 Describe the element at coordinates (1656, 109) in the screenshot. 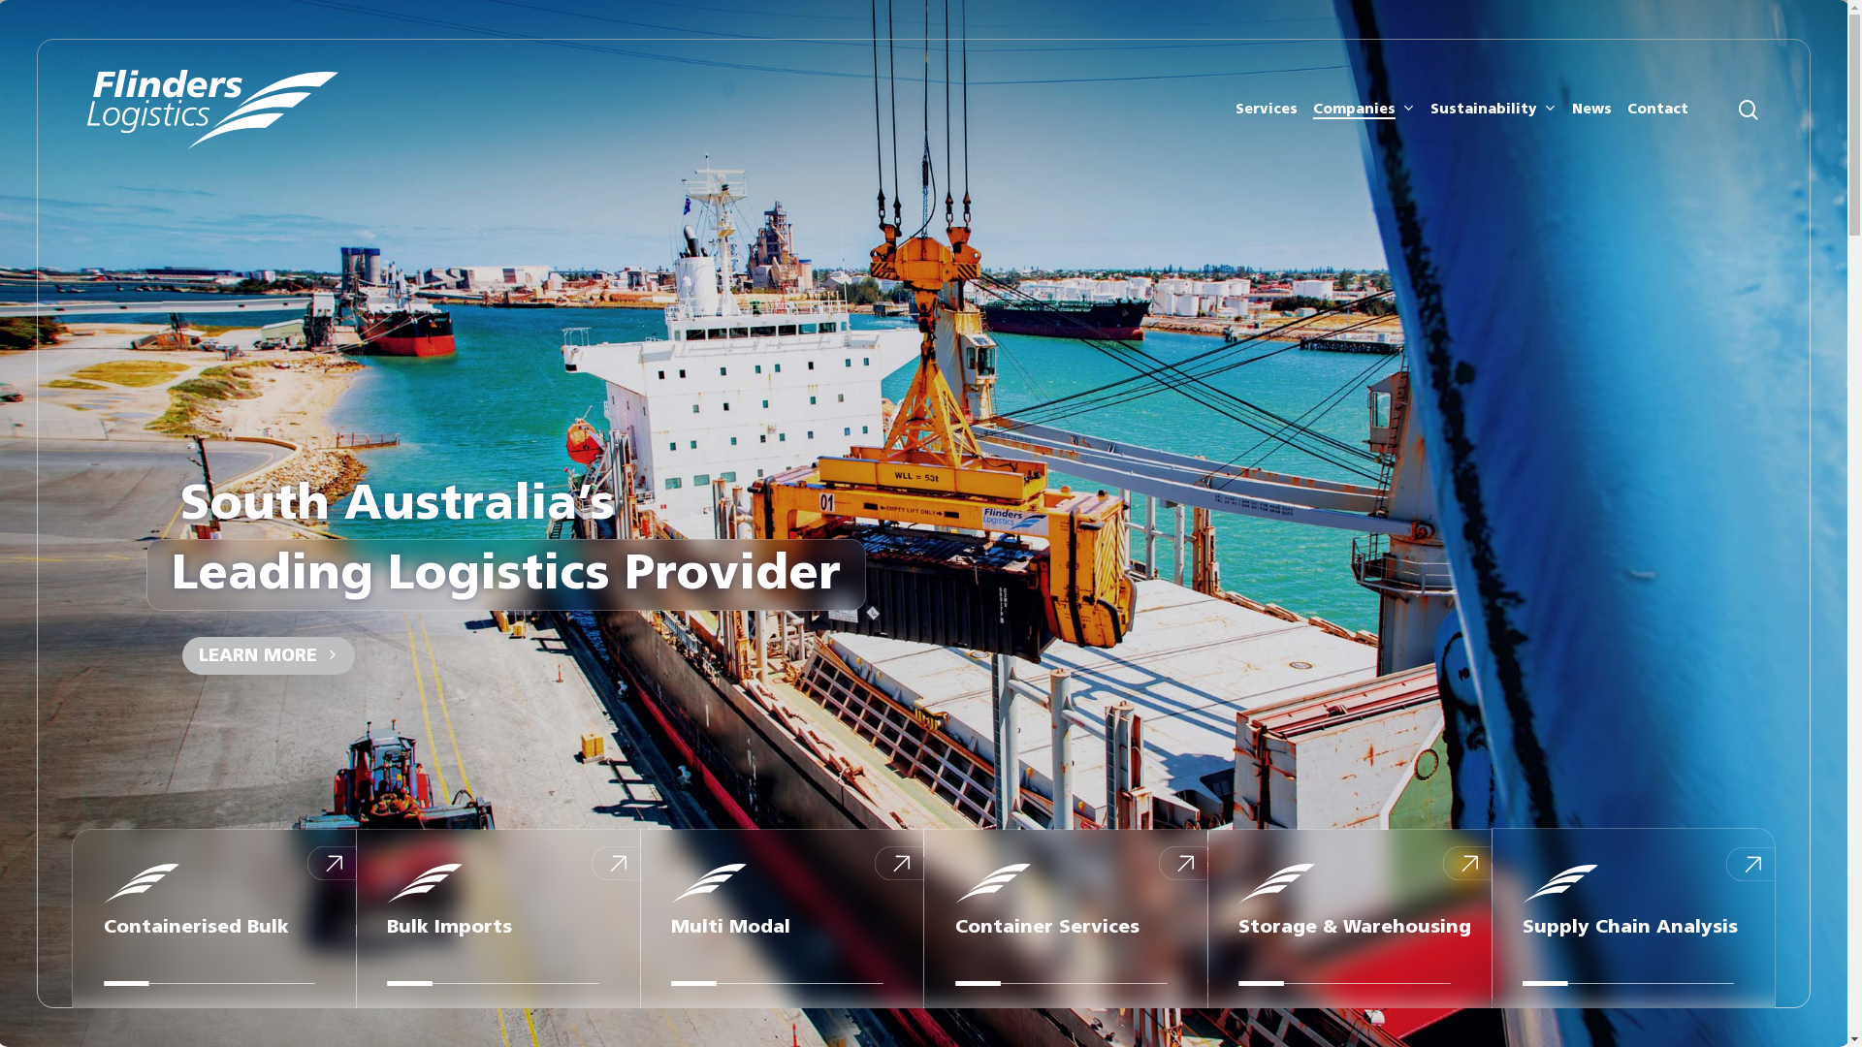

I see `'Contact'` at that location.